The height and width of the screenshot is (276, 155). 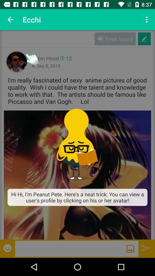 What do you see at coordinates (77, 175) in the screenshot?
I see `open picture full screen` at bounding box center [77, 175].